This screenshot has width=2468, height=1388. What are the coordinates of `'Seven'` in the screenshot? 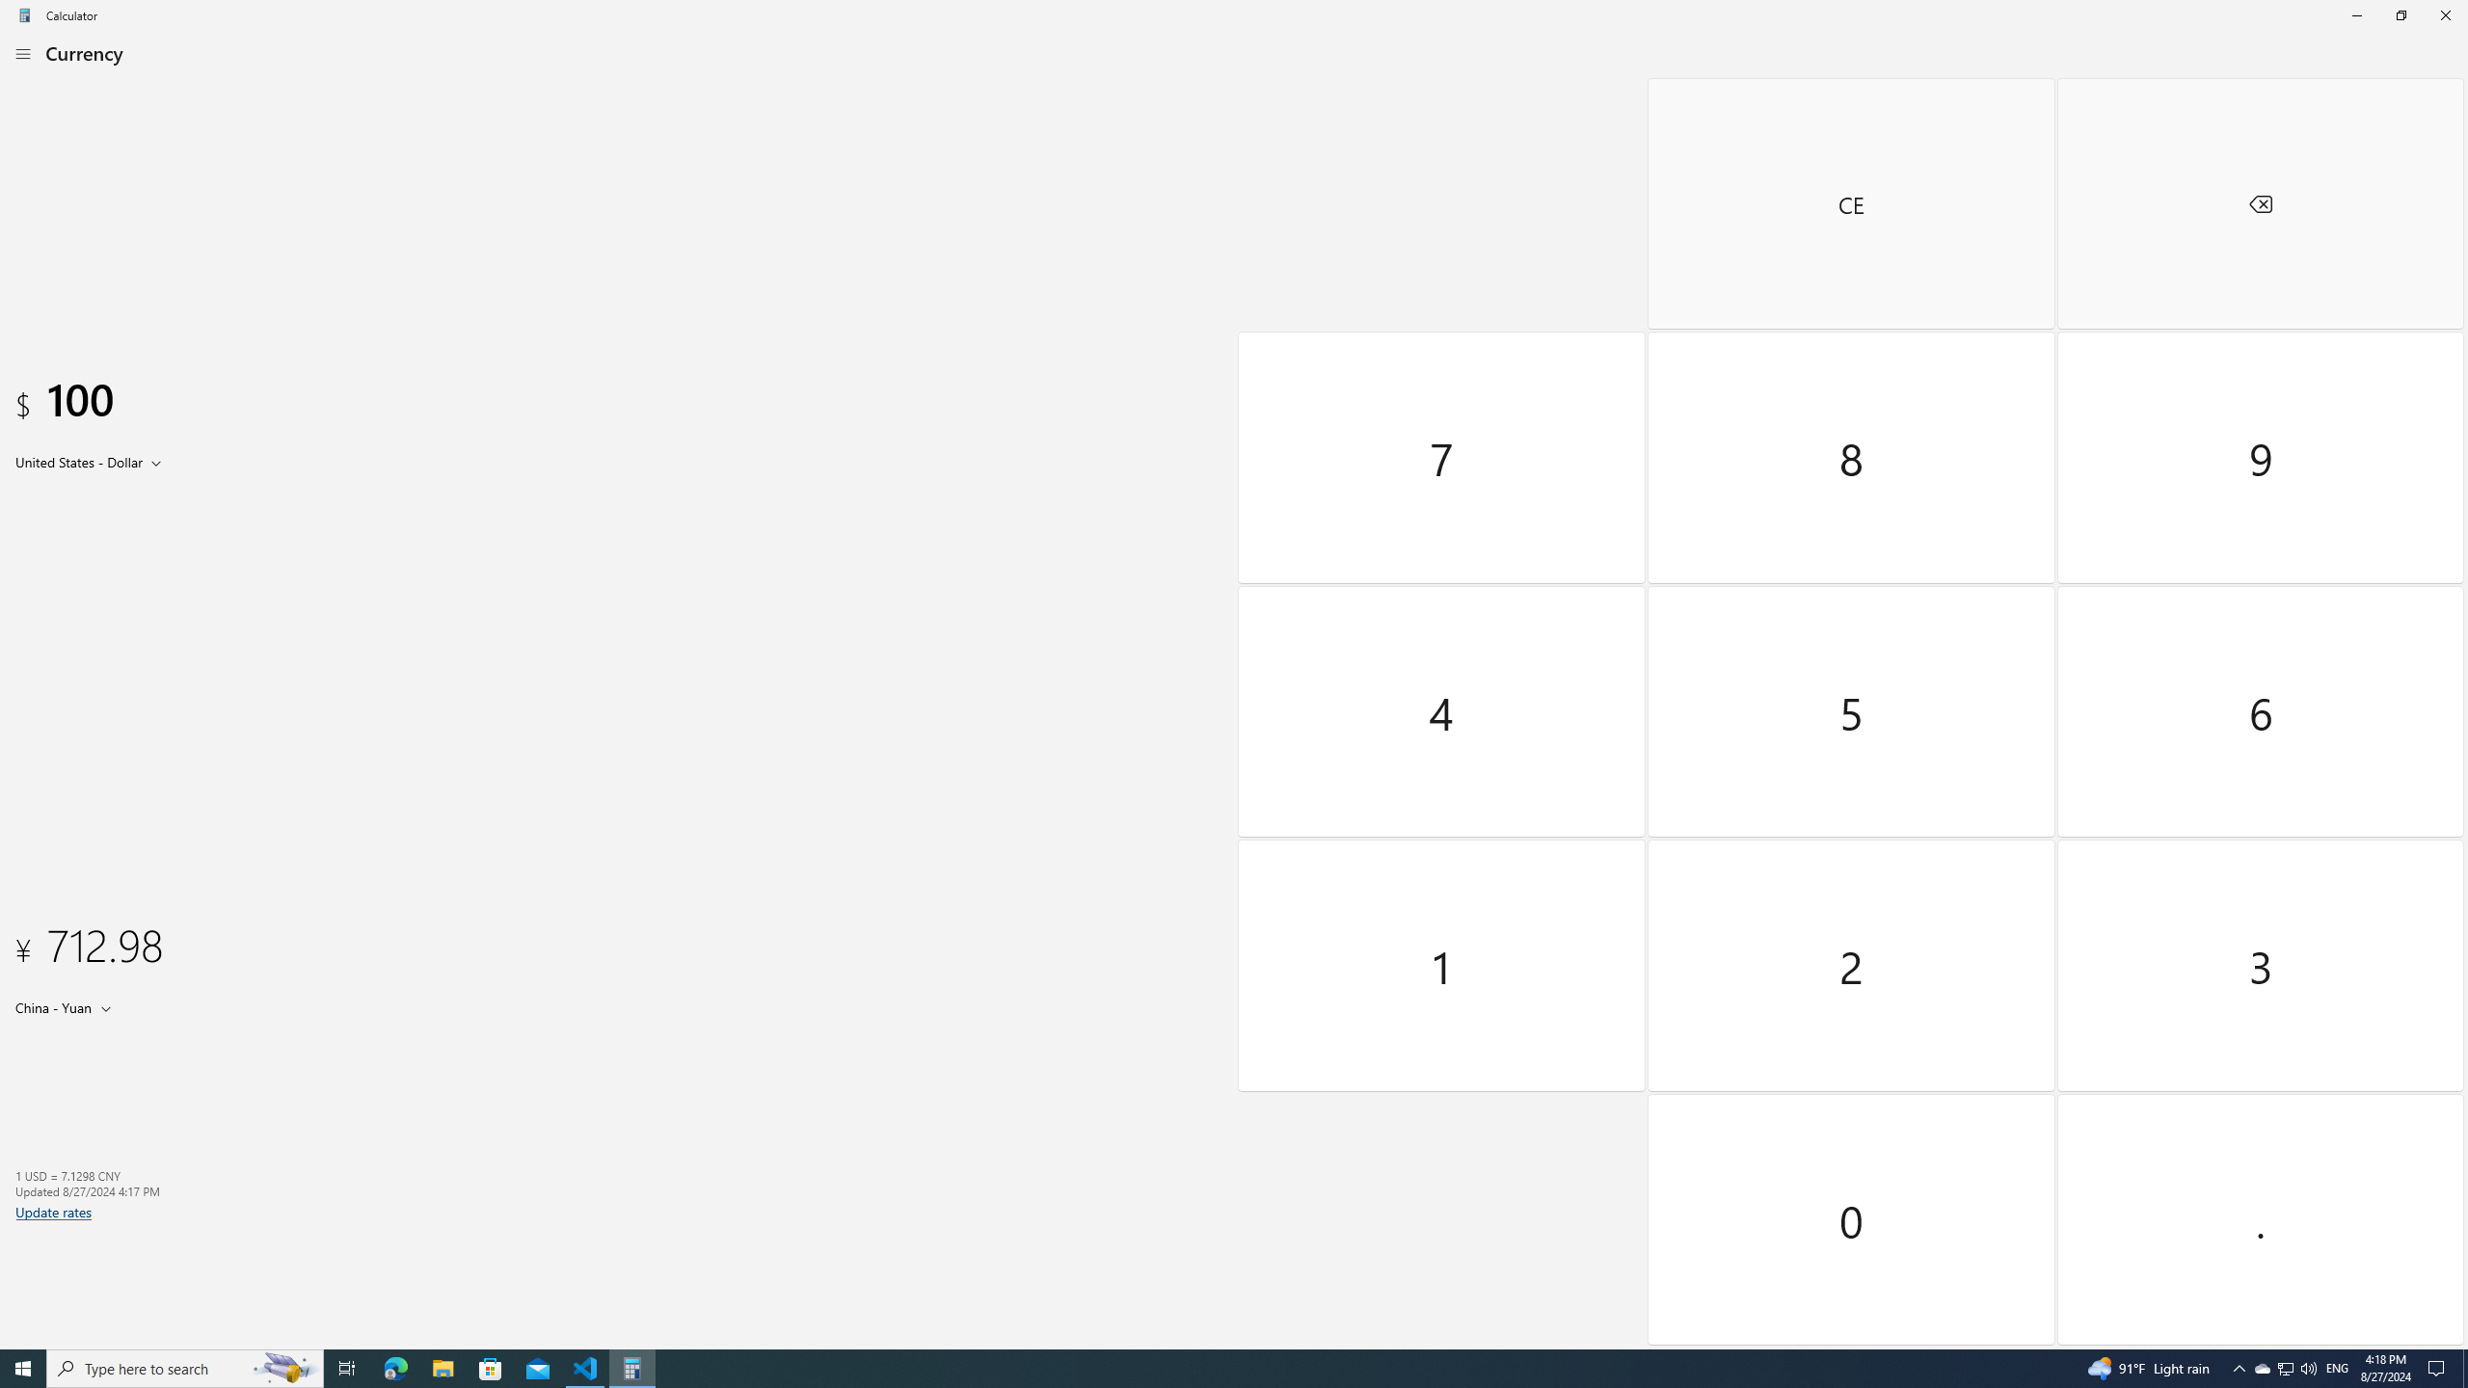 It's located at (1442, 457).